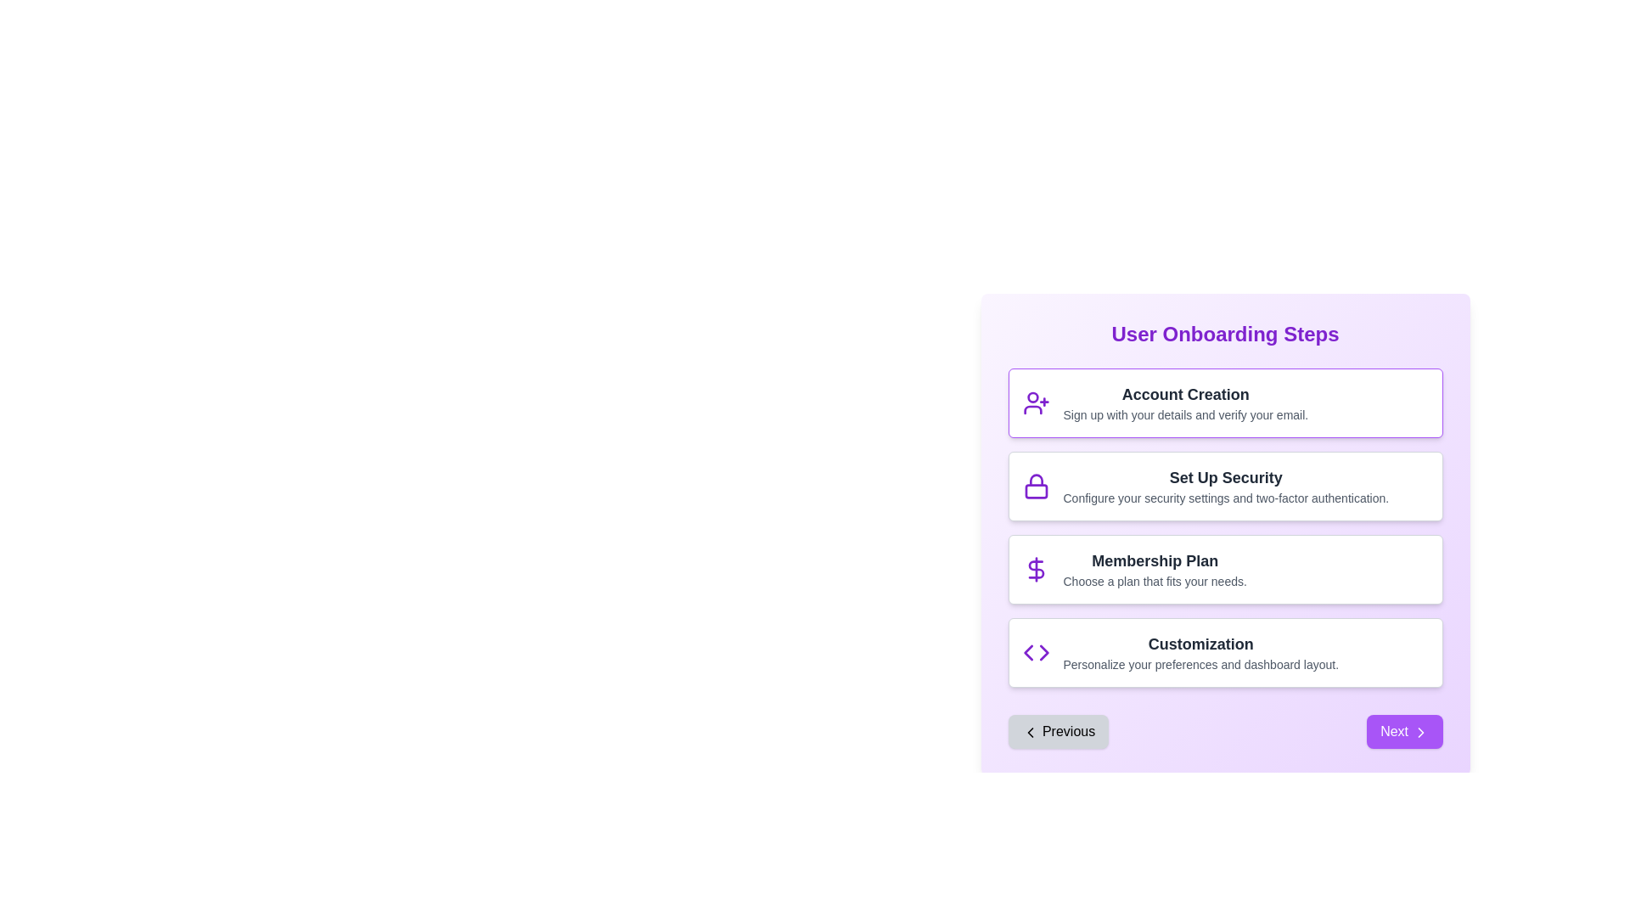 This screenshot has width=1630, height=917. Describe the element at coordinates (1035, 487) in the screenshot. I see `the lock icon representing the 'Set Up Security' step in the user onboarding process, which is located to the left of the text 'Set Up Security'` at that location.